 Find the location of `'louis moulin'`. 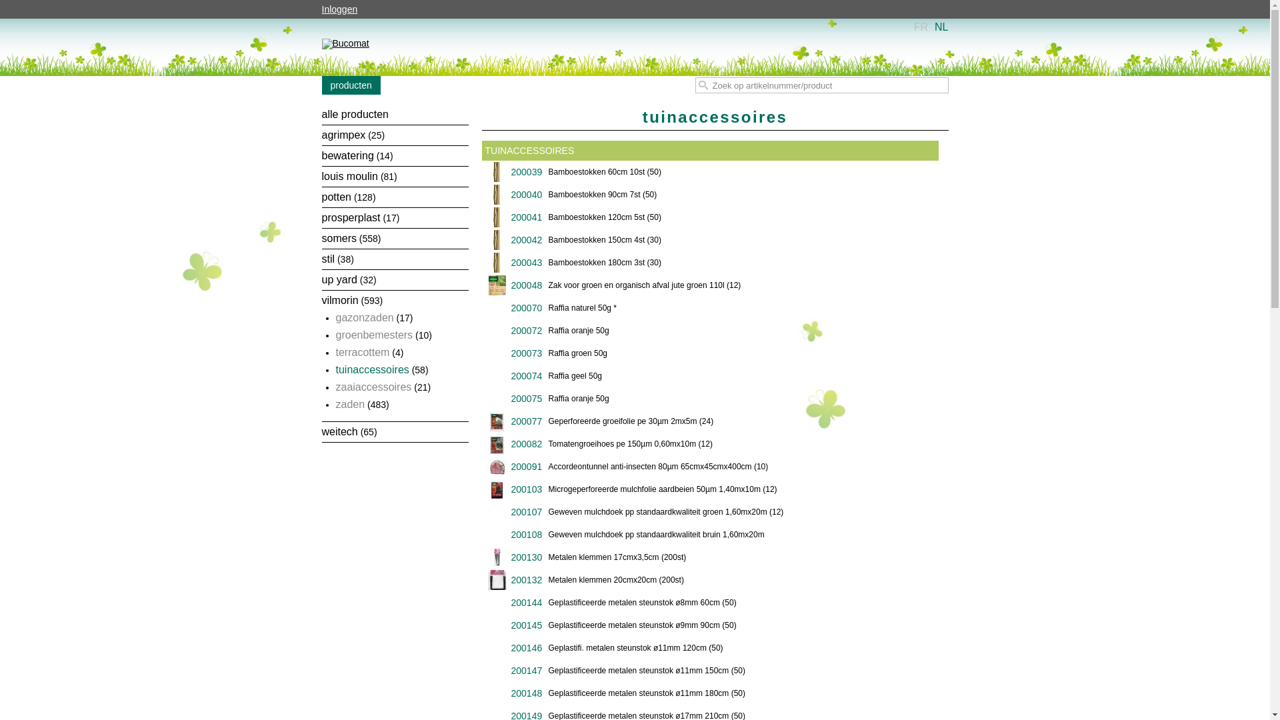

'louis moulin' is located at coordinates (349, 175).